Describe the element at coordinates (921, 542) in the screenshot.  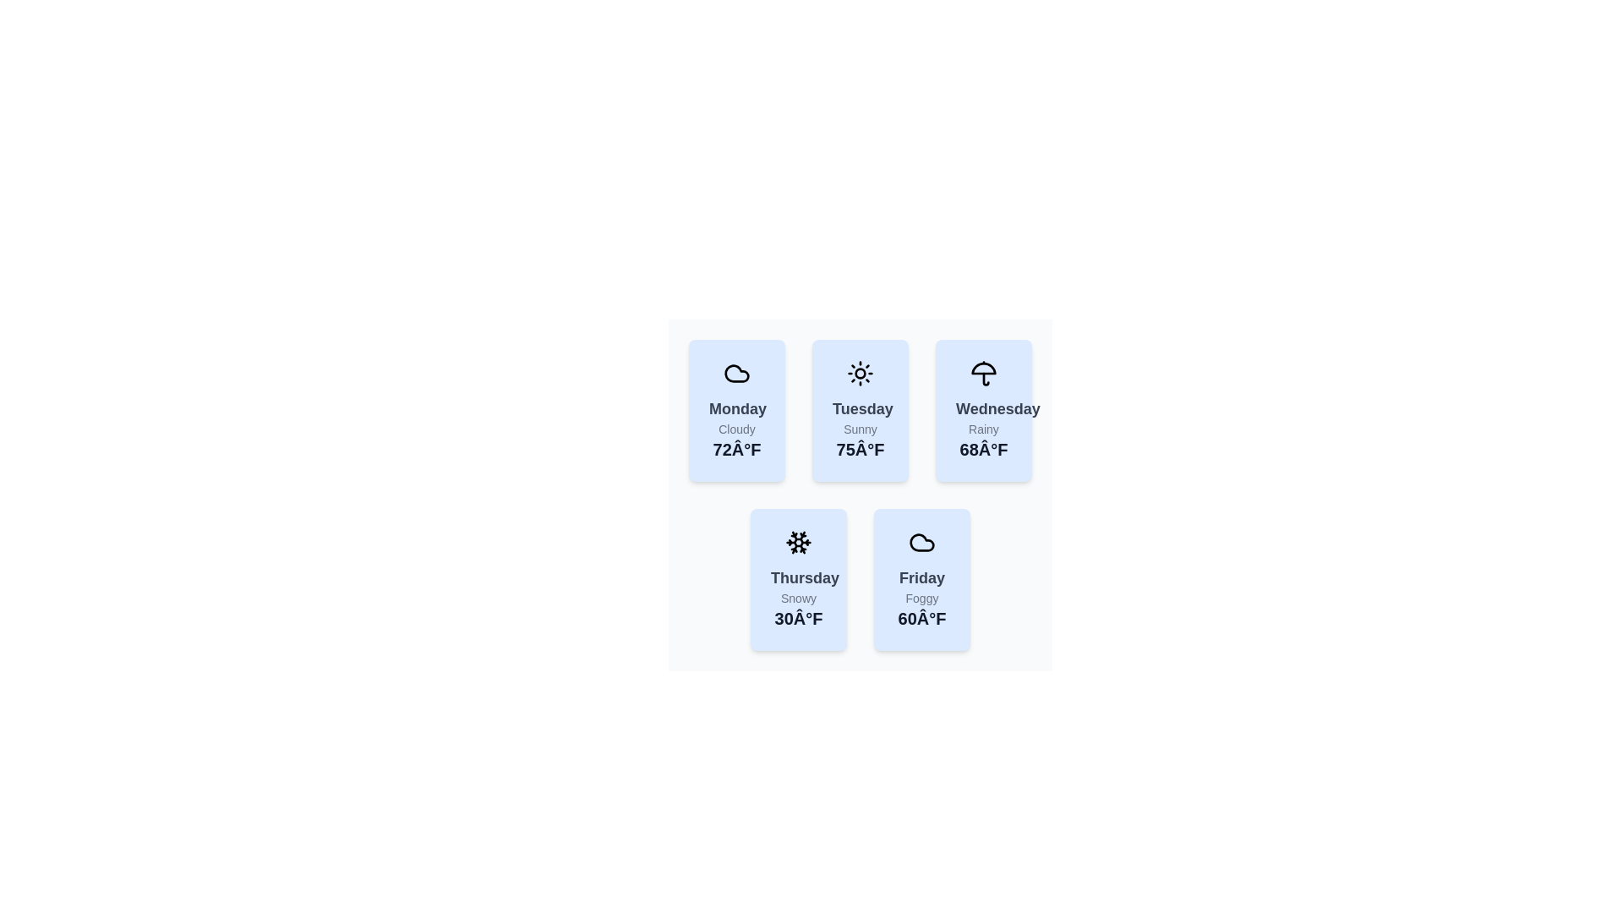
I see `the weather representation icon indicating a cloudy condition located at the top center of the 'Monday' card in the first row, first column` at that location.